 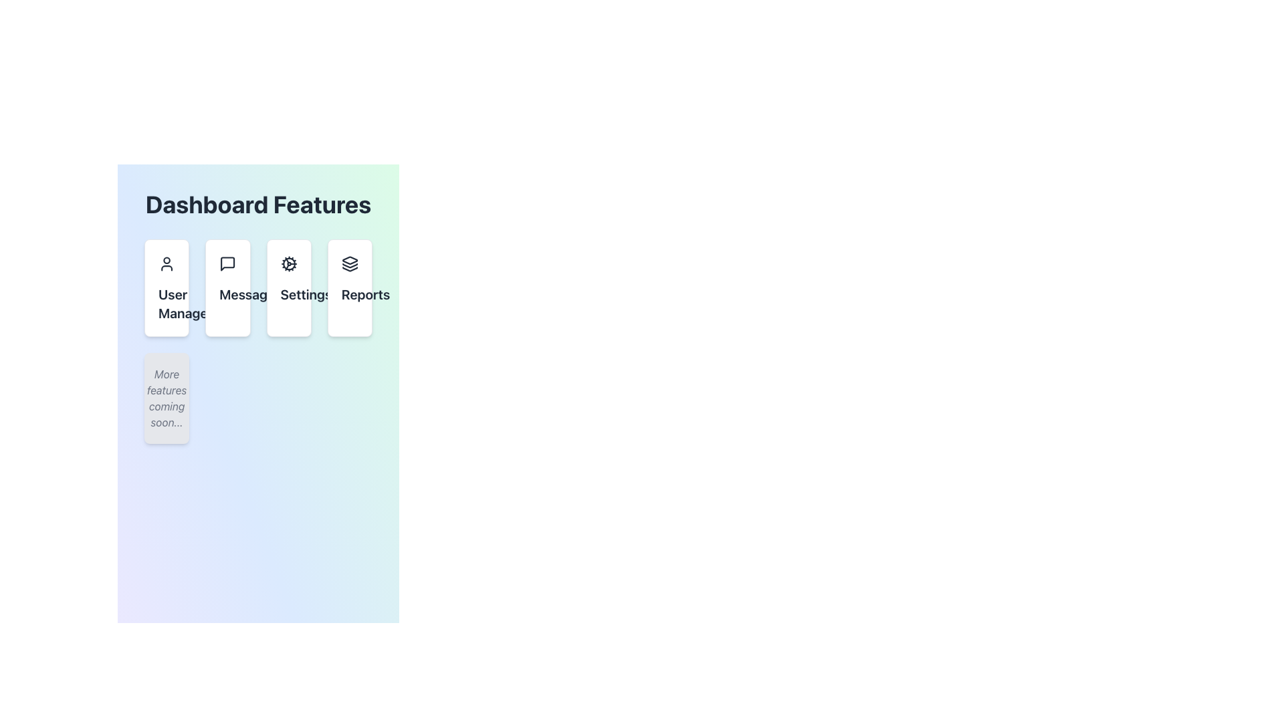 What do you see at coordinates (166, 304) in the screenshot?
I see `text label indicating 'User Management' located in the first card under the 'Dashboard Features' heading, positioned directly below the user icon graphic` at bounding box center [166, 304].